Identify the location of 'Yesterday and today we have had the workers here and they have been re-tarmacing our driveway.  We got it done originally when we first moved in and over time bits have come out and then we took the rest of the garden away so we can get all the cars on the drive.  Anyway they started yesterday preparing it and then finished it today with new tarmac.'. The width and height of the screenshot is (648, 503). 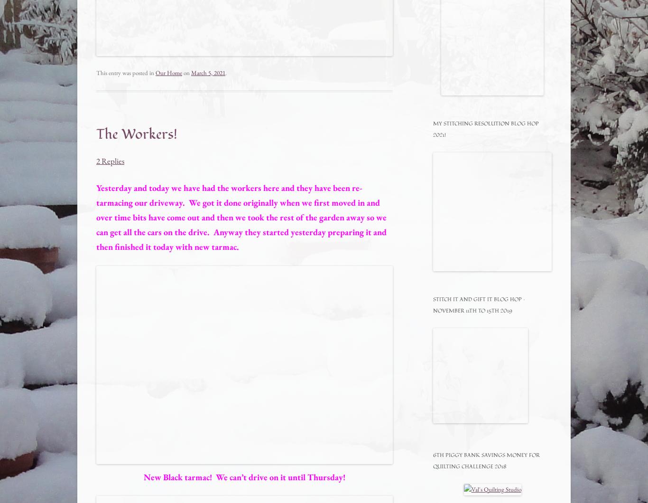
(241, 217).